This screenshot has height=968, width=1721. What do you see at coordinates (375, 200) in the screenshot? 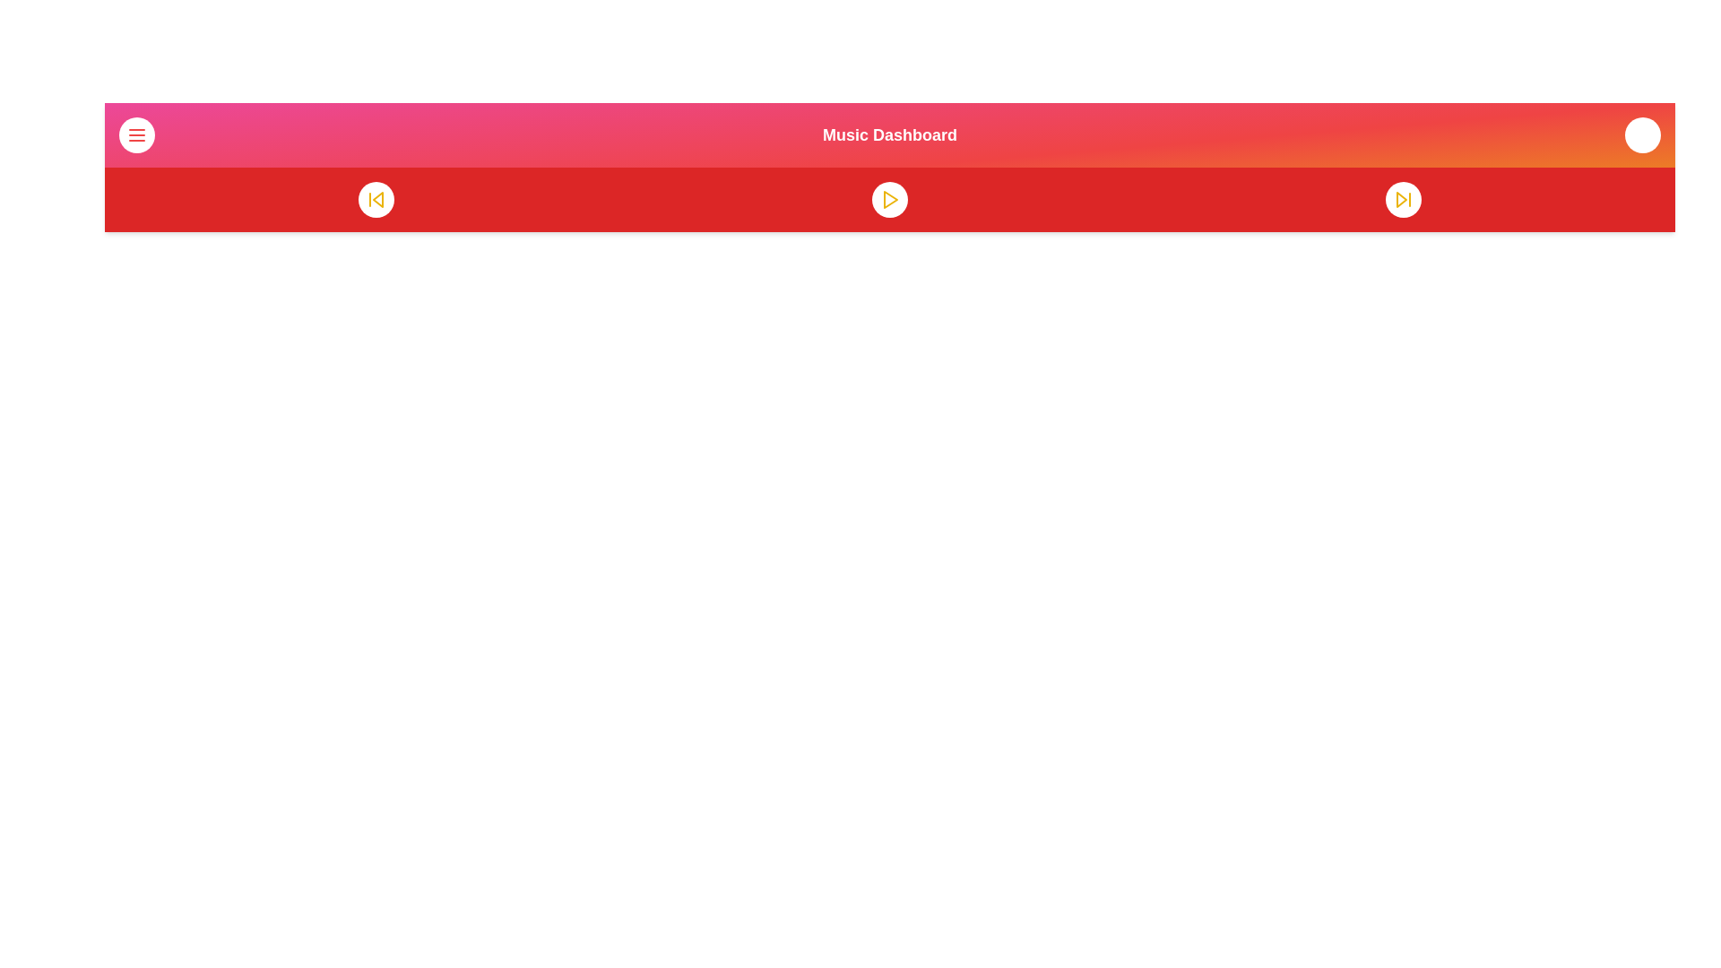
I see `the skip back button to rewind the track` at bounding box center [375, 200].